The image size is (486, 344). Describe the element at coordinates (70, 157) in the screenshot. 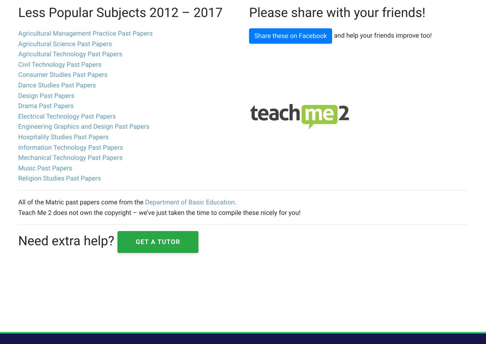

I see `'Mechanical Technology Past Papers'` at that location.